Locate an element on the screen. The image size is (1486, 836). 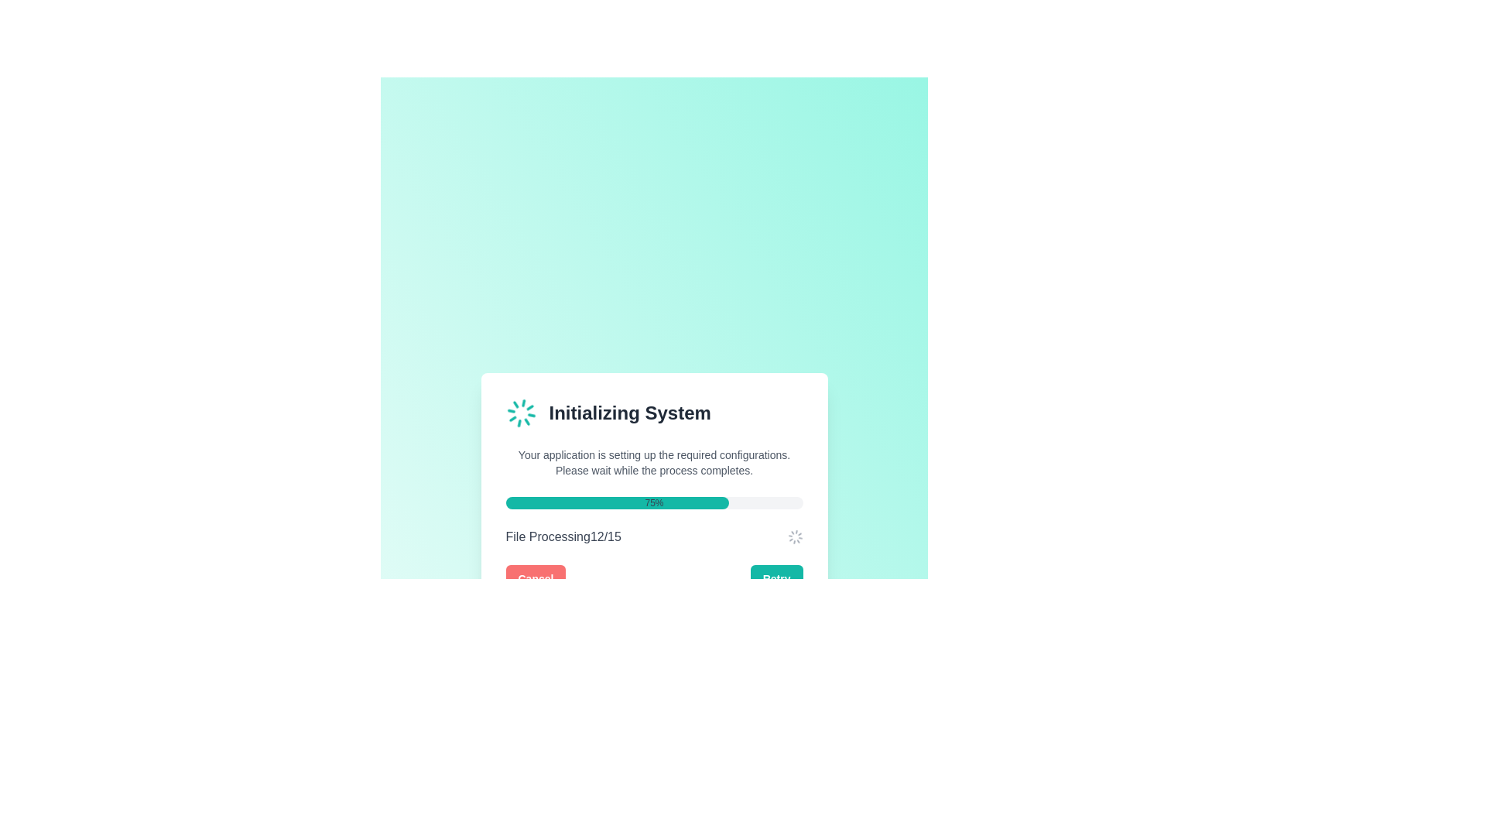
the spinning loader icon that is composed of circular teal bars, located to the left of the 'Initializing System' title is located at coordinates (521, 412).